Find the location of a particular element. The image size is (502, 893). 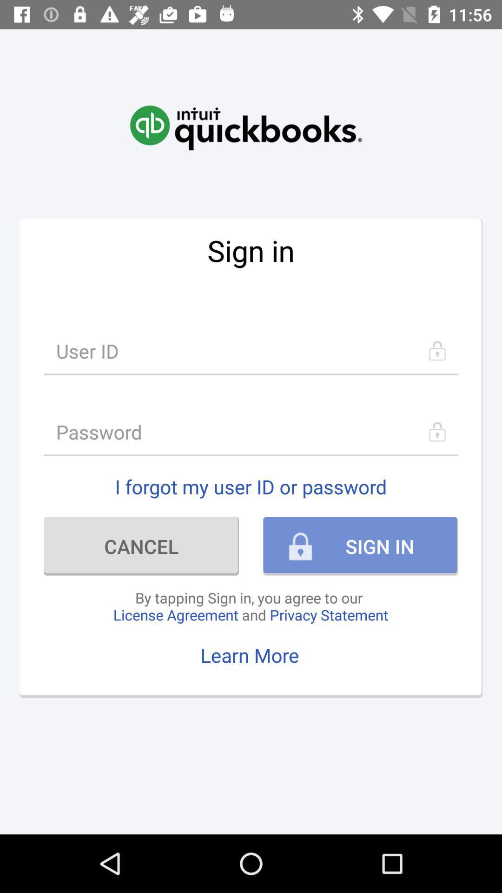

password is located at coordinates (251, 431).